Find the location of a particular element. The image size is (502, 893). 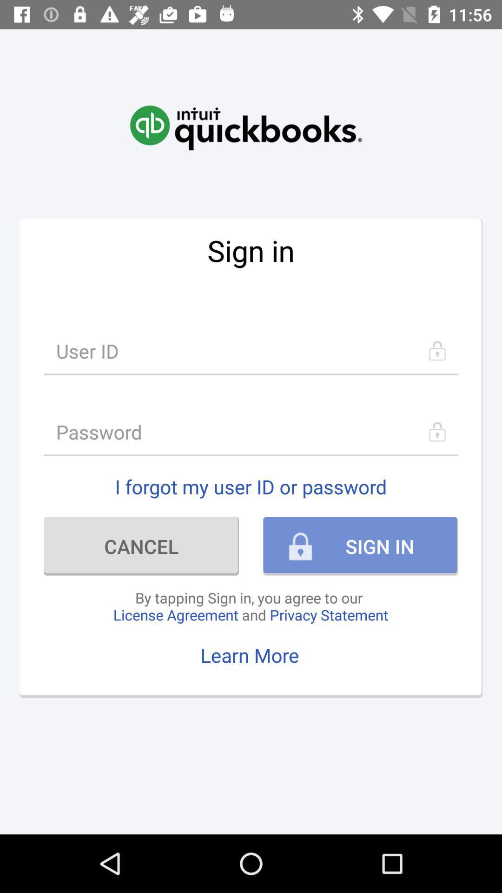

password is located at coordinates (251, 431).